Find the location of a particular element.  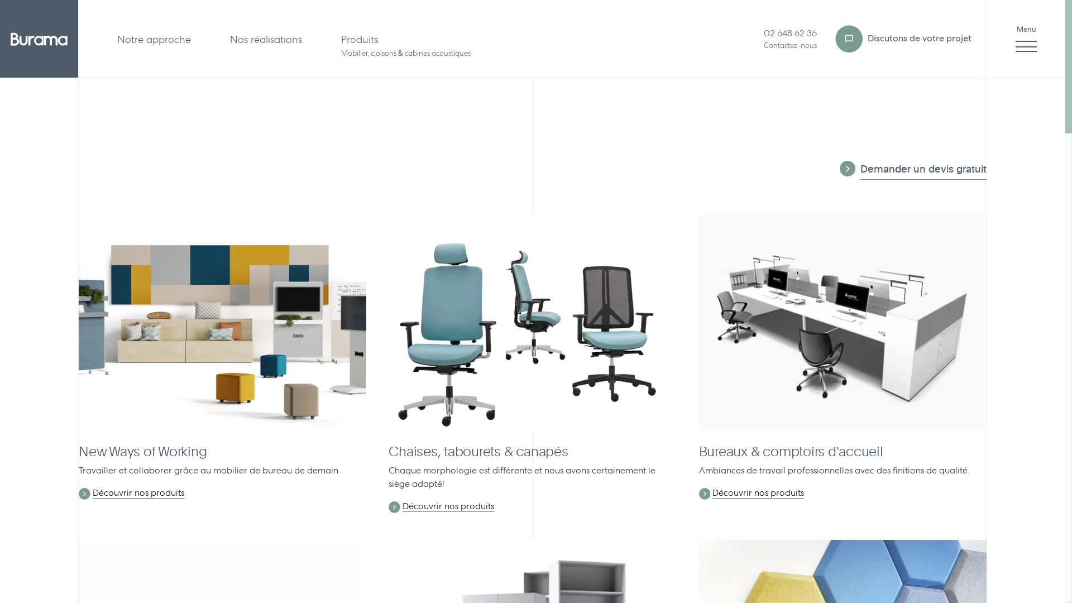

'Mobilier' is located at coordinates (353, 53).